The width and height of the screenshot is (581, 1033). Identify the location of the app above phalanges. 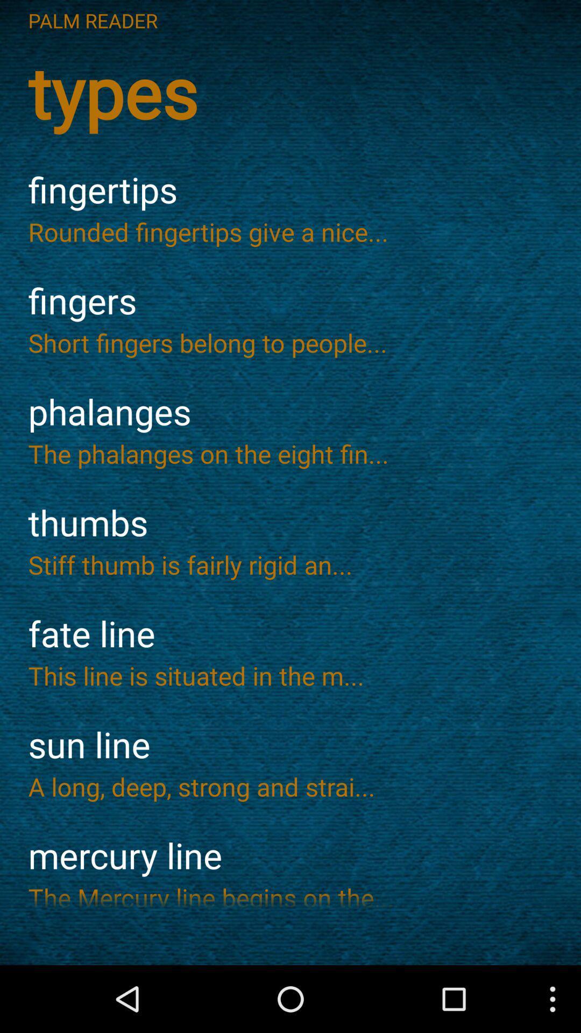
(290, 342).